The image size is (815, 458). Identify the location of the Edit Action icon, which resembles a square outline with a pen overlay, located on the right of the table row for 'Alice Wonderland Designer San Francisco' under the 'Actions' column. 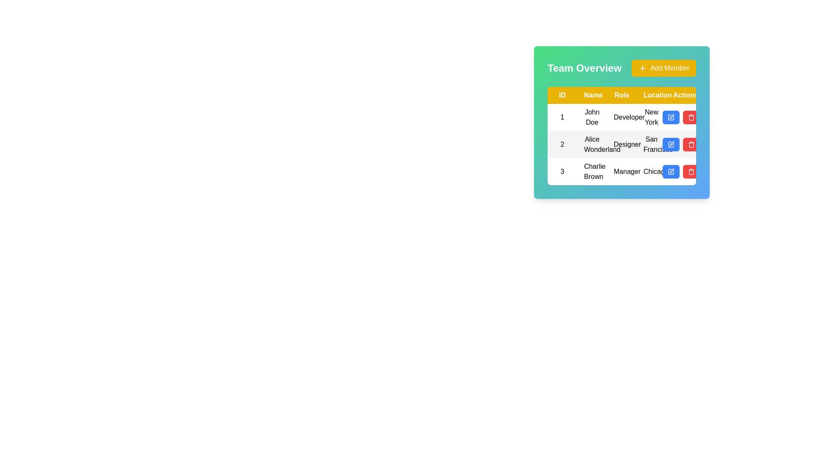
(670, 144).